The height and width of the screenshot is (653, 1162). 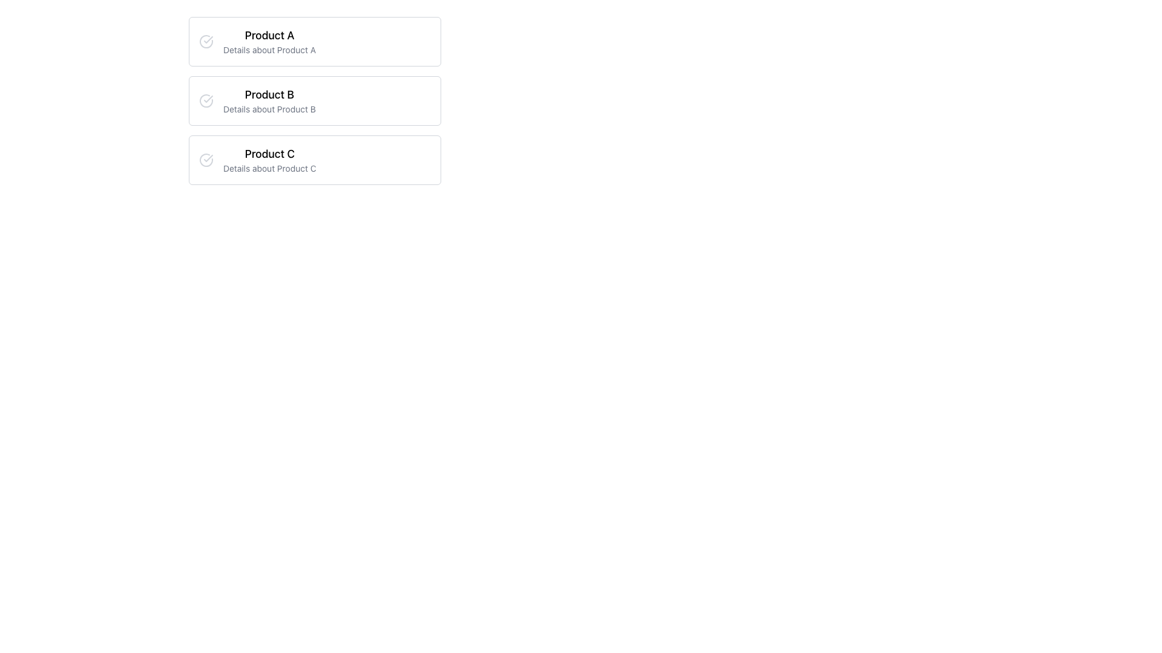 What do you see at coordinates (206, 160) in the screenshot?
I see `the checkmark icon within a gray outlined circle, located to the left of the 'Product C' text` at bounding box center [206, 160].